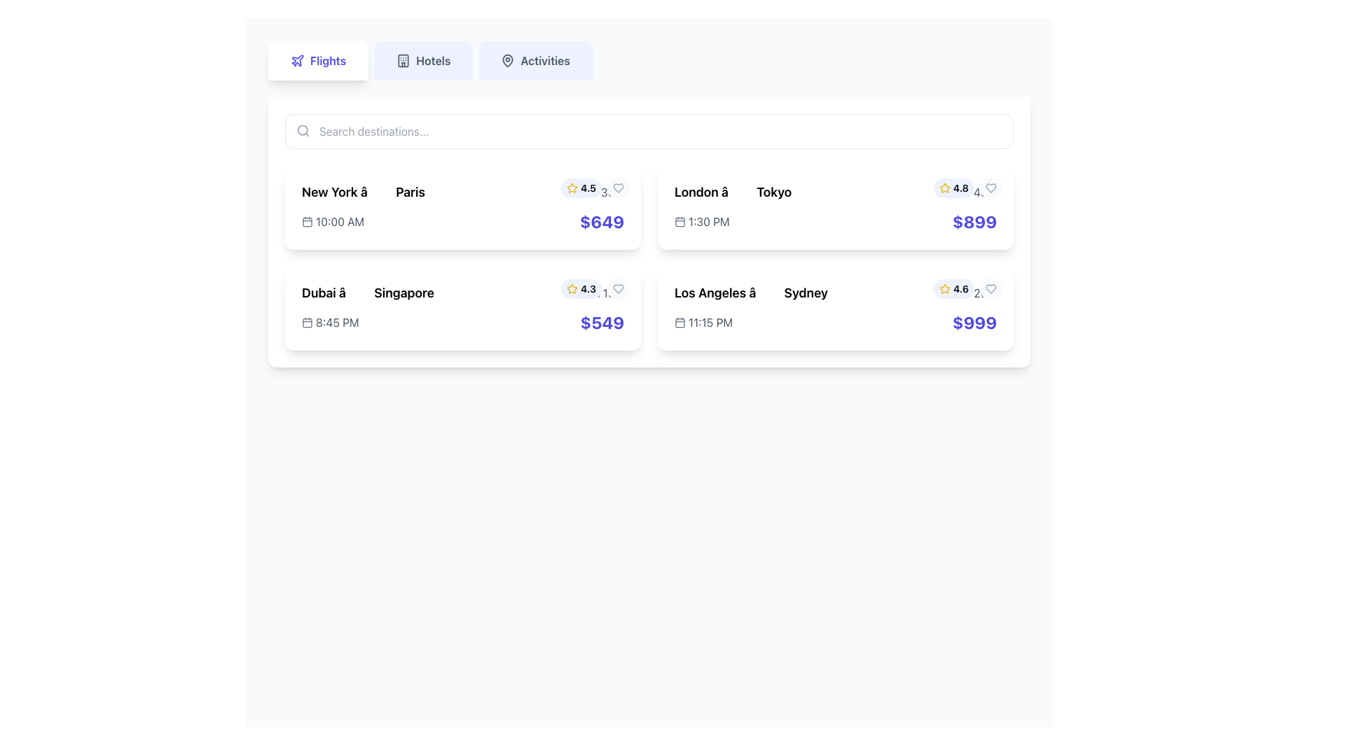 The height and width of the screenshot is (756, 1345). What do you see at coordinates (974, 323) in the screenshot?
I see `the text label displaying the ticket price for the flight option from 'Los Angeles' to 'Sydney' located at the bottom-right corner of the tile` at bounding box center [974, 323].